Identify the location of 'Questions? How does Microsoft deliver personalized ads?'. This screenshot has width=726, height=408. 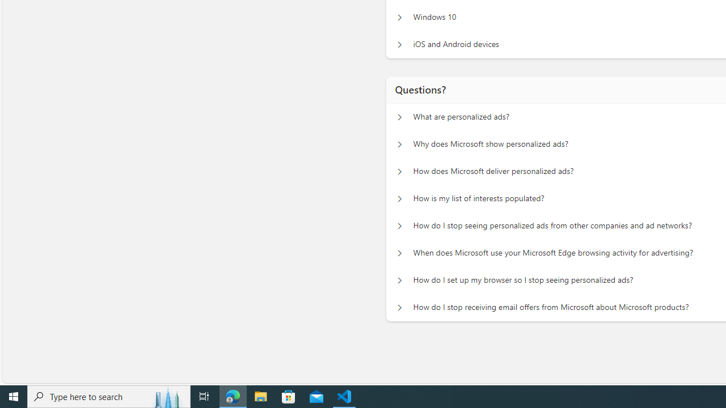
(399, 172).